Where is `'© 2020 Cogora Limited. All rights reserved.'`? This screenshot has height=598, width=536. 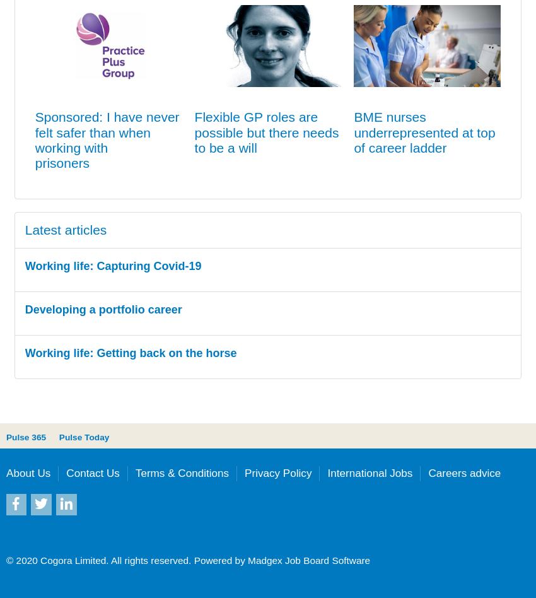 '© 2020 Cogora Limited. All rights reserved.' is located at coordinates (6, 559).